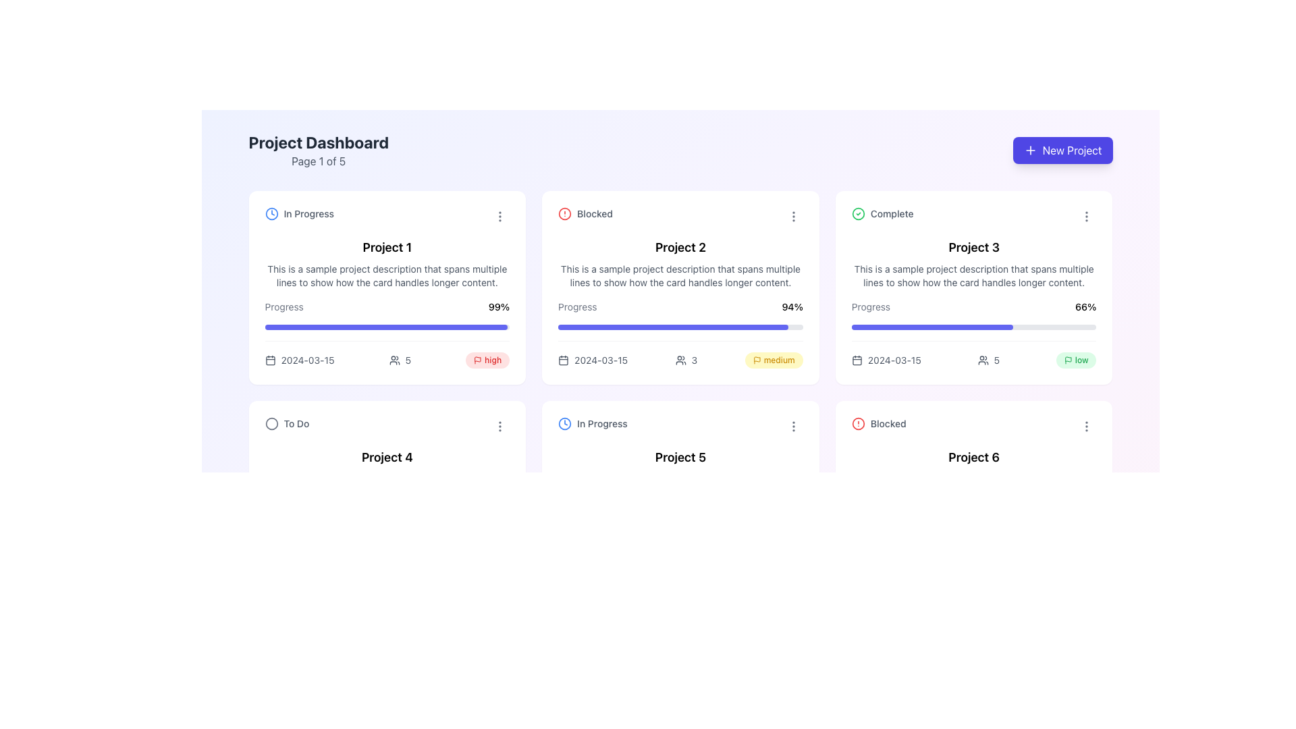 The height and width of the screenshot is (729, 1296). I want to click on the date icon located in the bottom-left section of the 'Project 2' card in the dashboard interface, which serves as a visual representation for the date '2024-03-15', so click(564, 359).